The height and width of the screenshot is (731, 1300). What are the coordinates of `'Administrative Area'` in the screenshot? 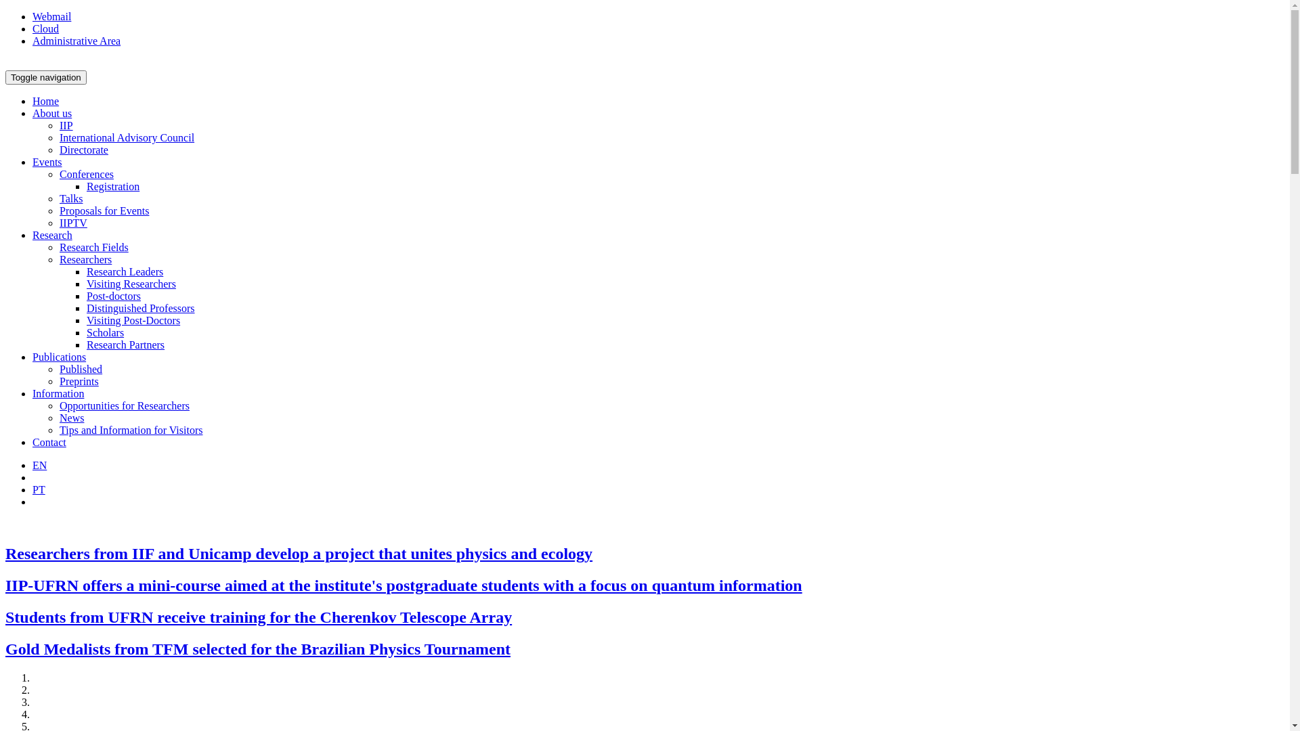 It's located at (76, 40).